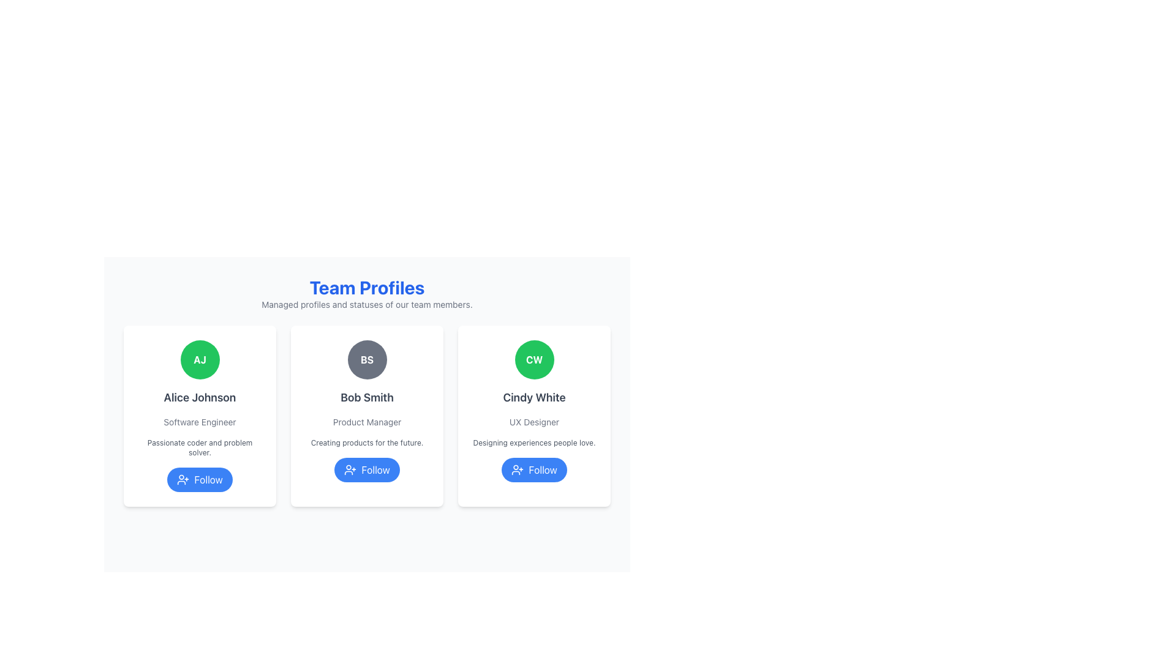  I want to click on the details of the Profile card representing Bob Smith, which is located in the 'Team Profiles' section as the second card in the row, so click(366, 407).